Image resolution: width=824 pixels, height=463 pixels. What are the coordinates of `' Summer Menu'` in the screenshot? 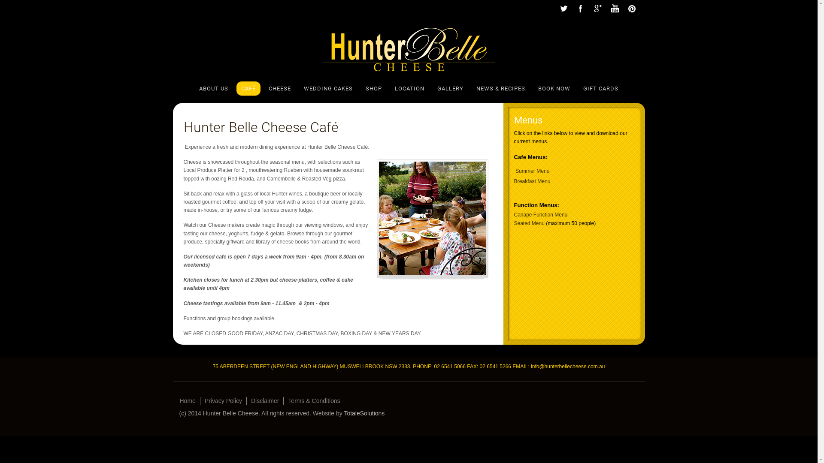 It's located at (514, 171).